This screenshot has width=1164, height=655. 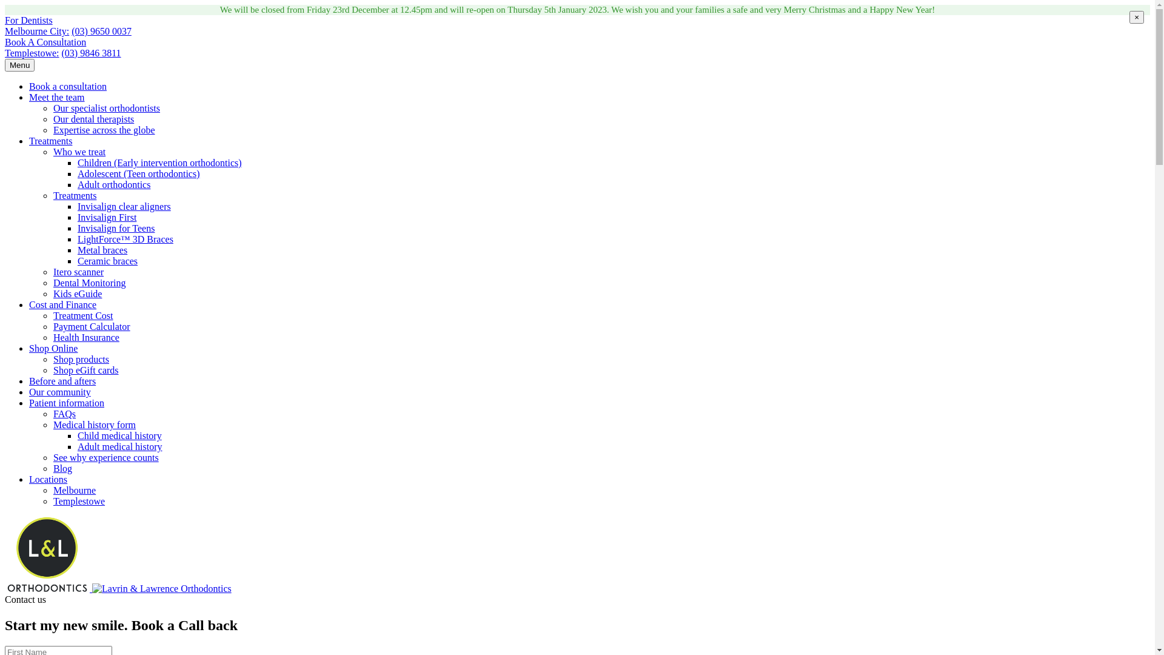 What do you see at coordinates (52, 348) in the screenshot?
I see `'Shop Online'` at bounding box center [52, 348].